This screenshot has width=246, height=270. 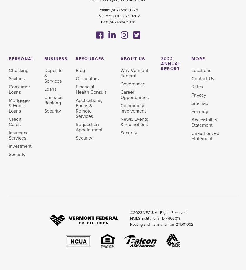 What do you see at coordinates (205, 135) in the screenshot?
I see `'Unauthorized Statement'` at bounding box center [205, 135].